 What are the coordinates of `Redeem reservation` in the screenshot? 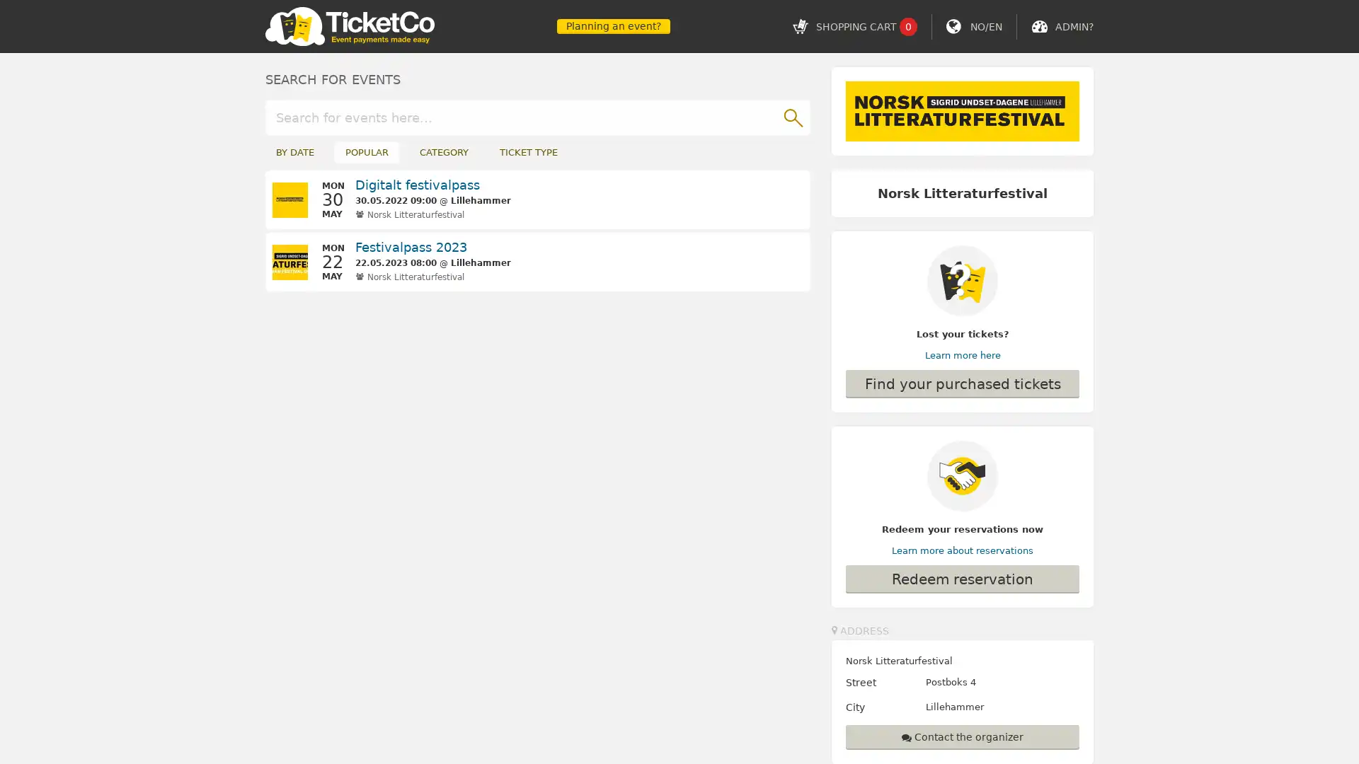 It's located at (962, 578).